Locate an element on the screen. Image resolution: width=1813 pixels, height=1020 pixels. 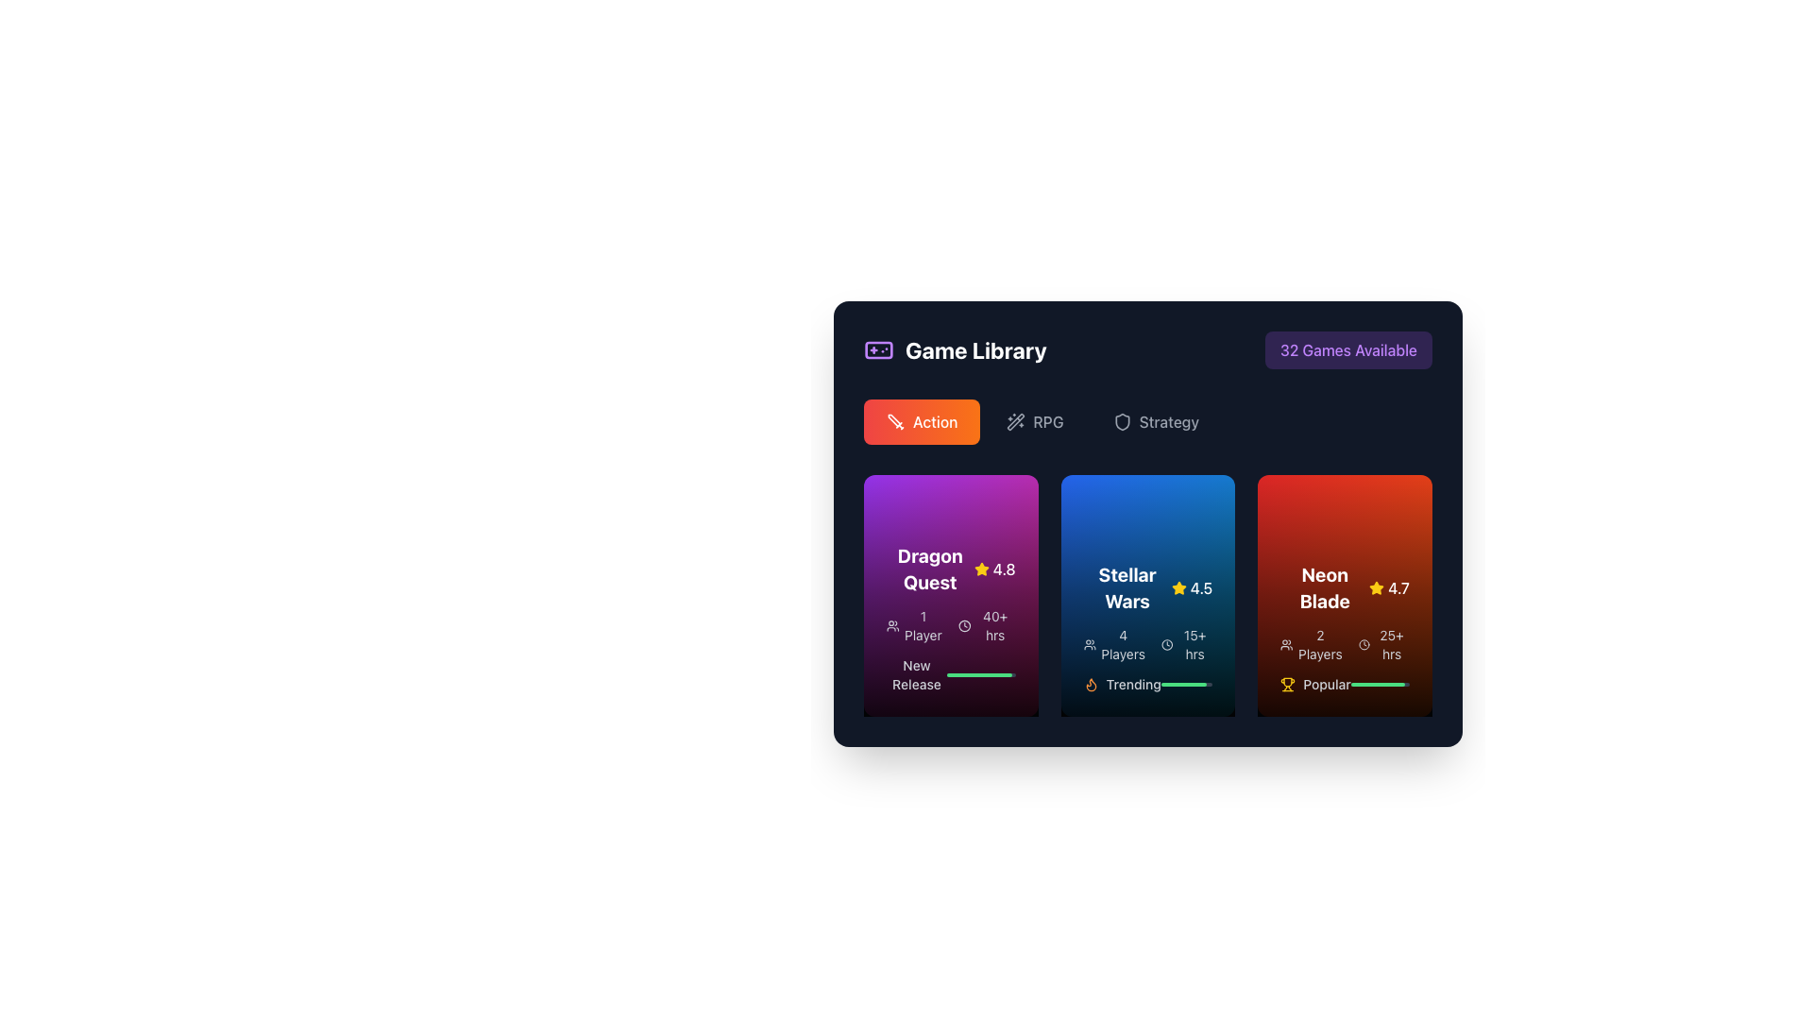
the 'Popular' icon for the 'Neon Blade' game, located at the bottom-right of the card is located at coordinates (1287, 685).